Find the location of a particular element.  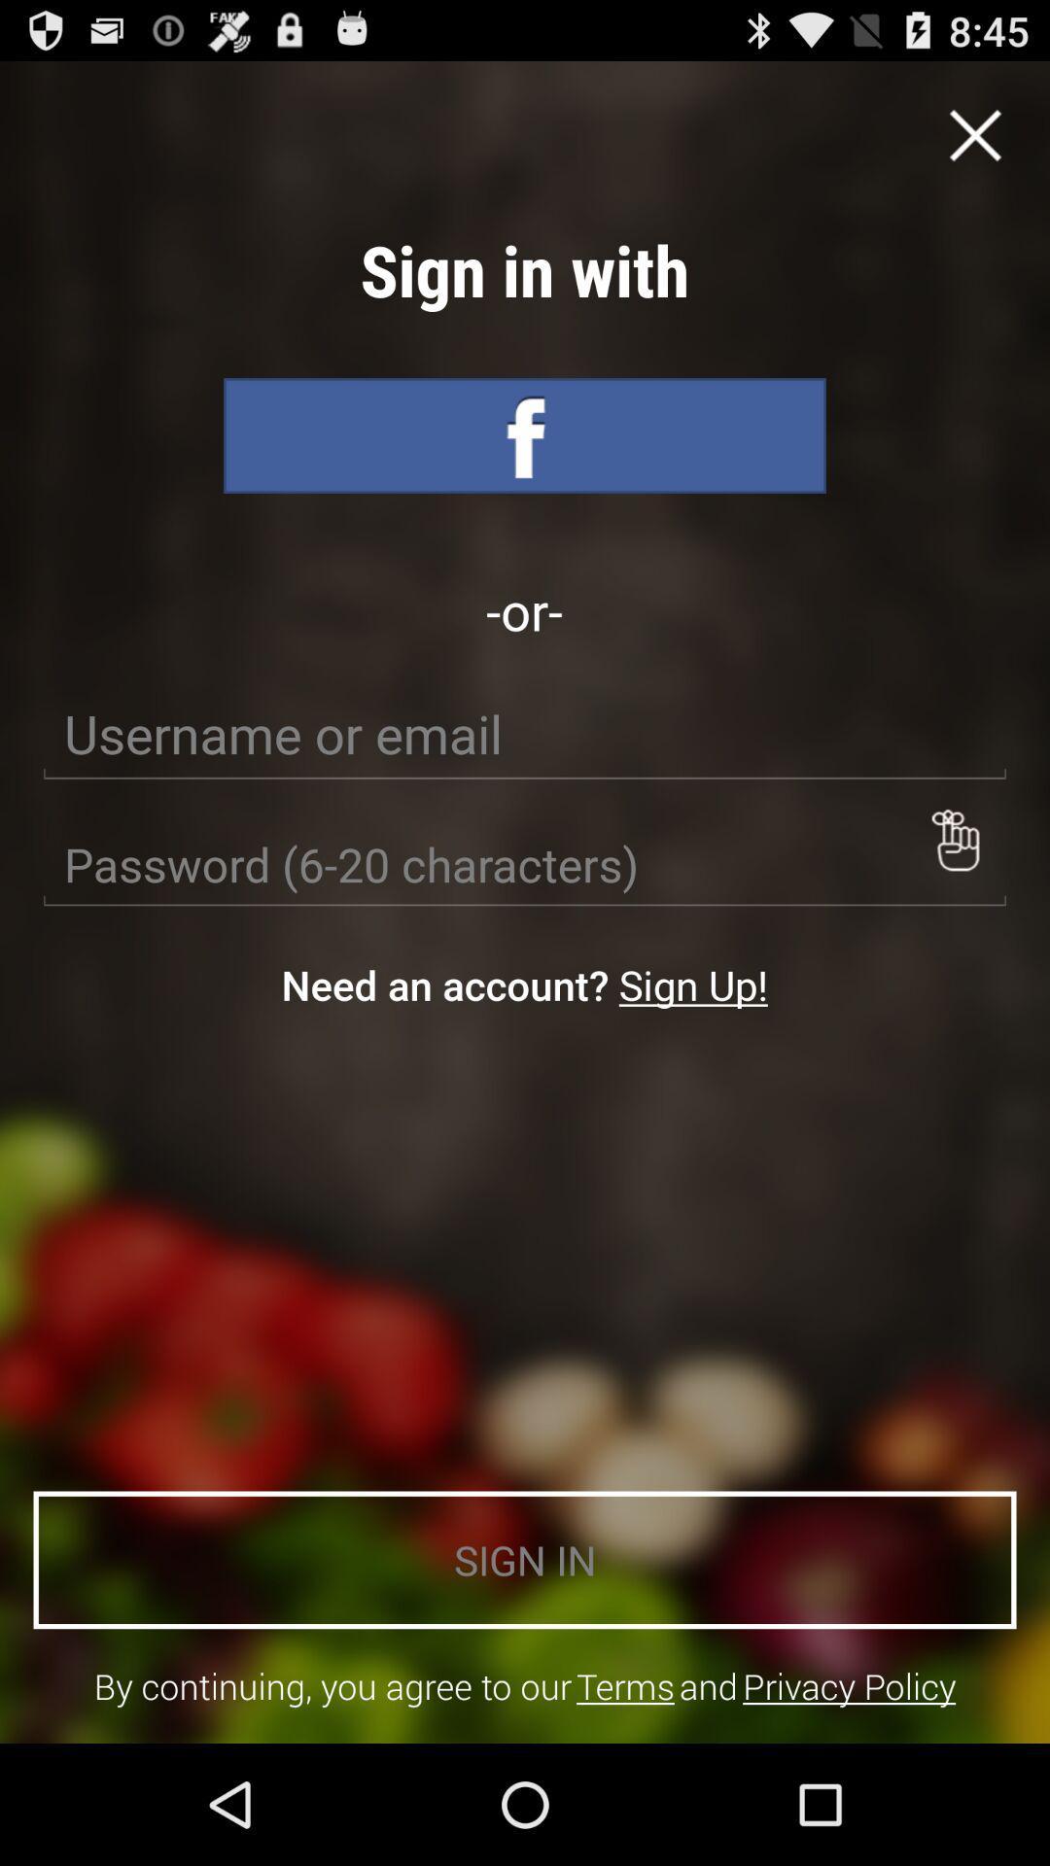

icon below -or- icon is located at coordinates (525, 734).